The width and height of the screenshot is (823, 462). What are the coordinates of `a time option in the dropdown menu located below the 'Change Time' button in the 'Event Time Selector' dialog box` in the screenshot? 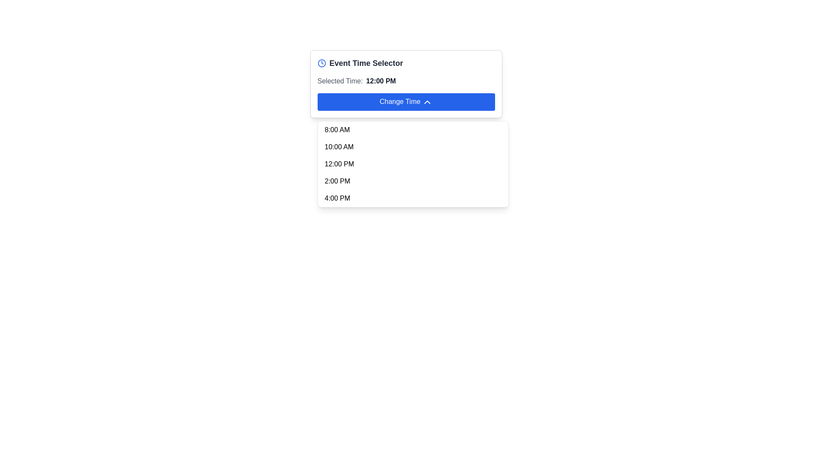 It's located at (413, 164).